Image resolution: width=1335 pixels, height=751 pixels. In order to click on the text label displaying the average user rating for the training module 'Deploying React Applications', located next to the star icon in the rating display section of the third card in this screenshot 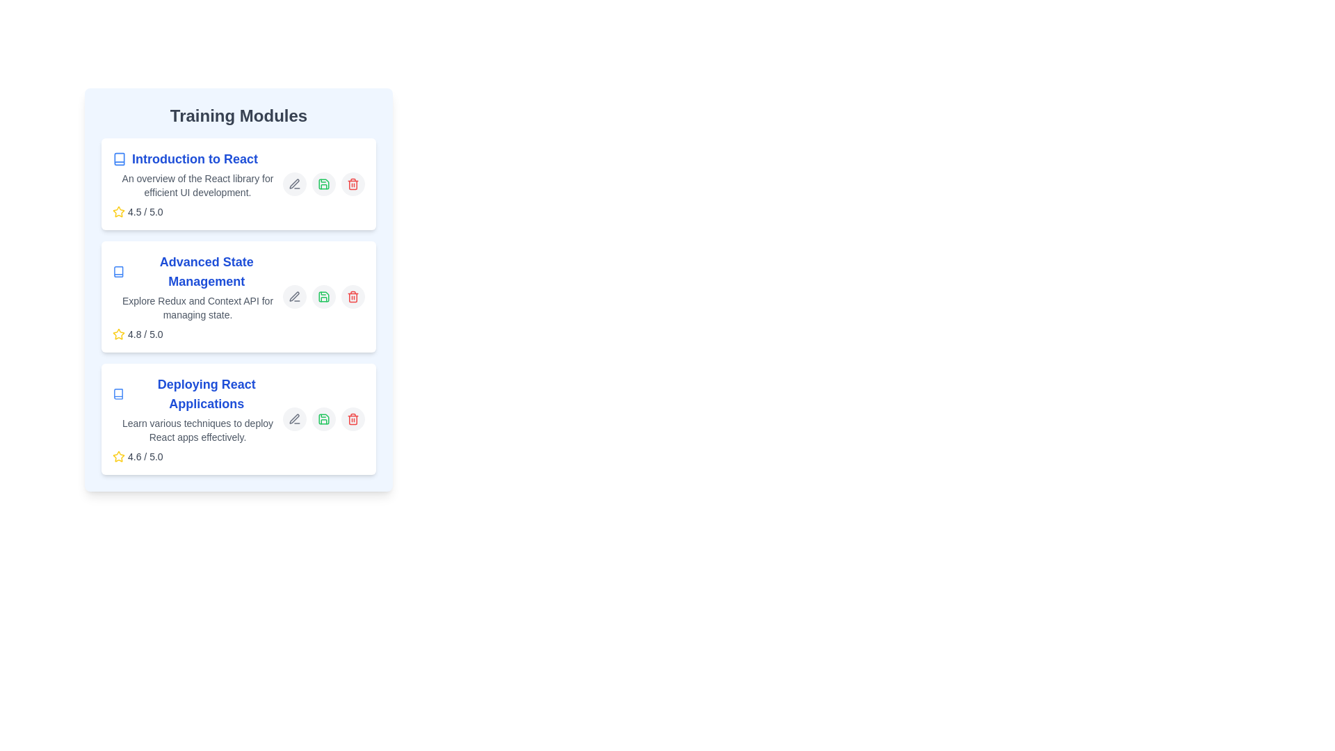, I will do `click(145, 456)`.